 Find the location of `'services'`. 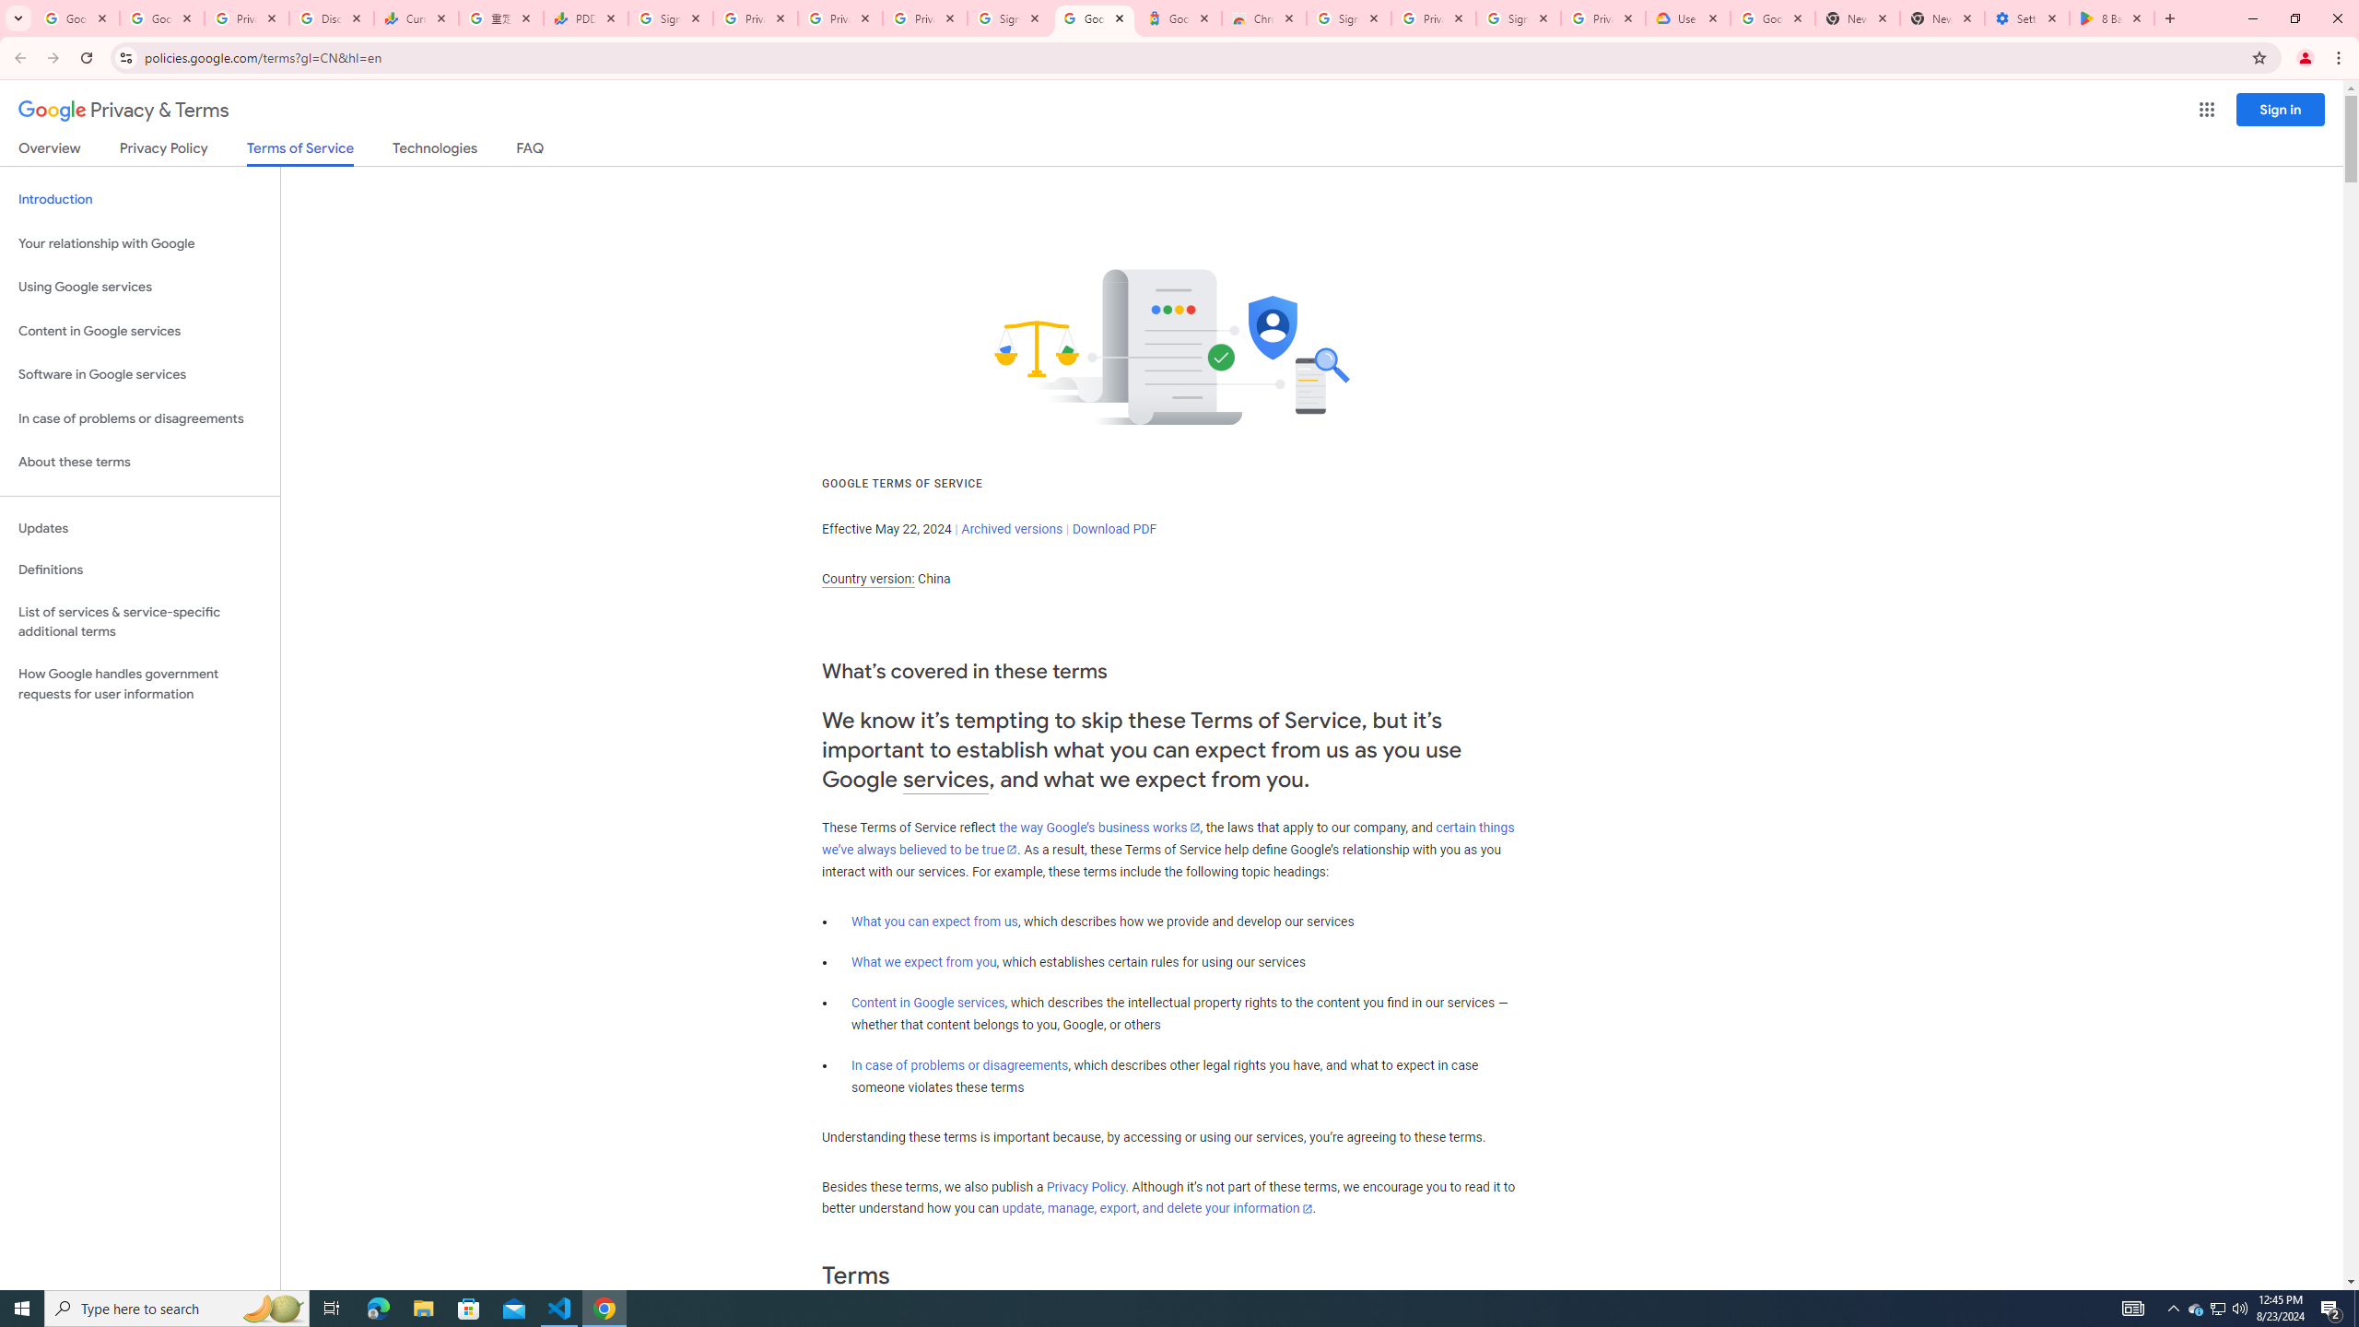

'services' is located at coordinates (945, 780).